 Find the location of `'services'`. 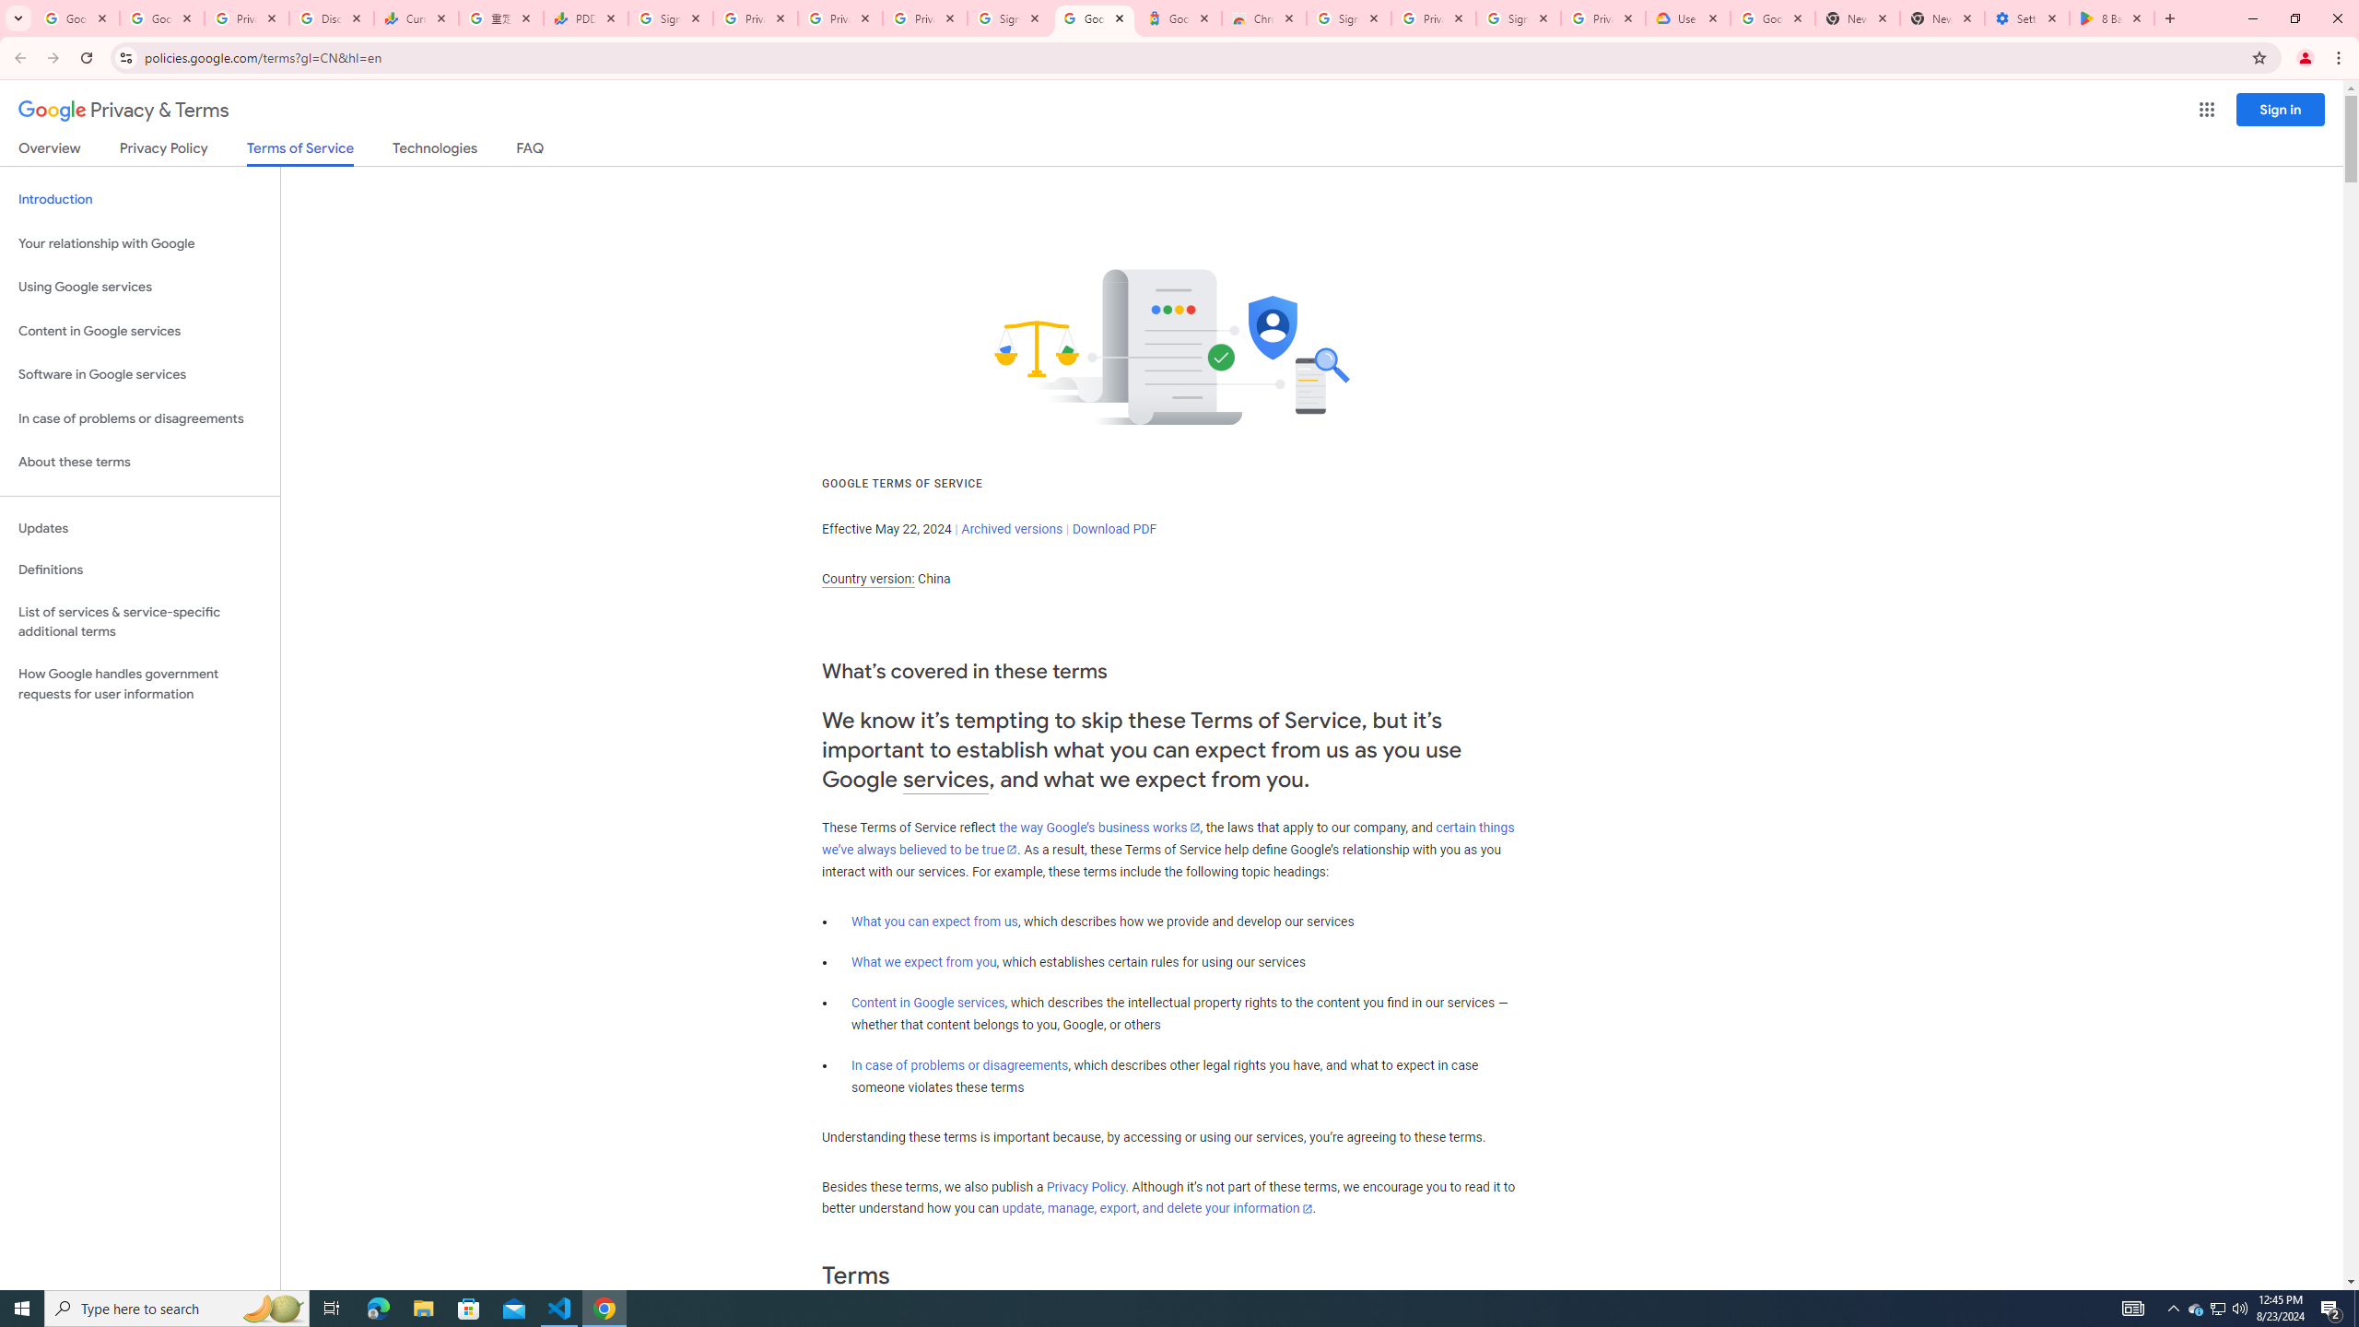

'services' is located at coordinates (945, 780).